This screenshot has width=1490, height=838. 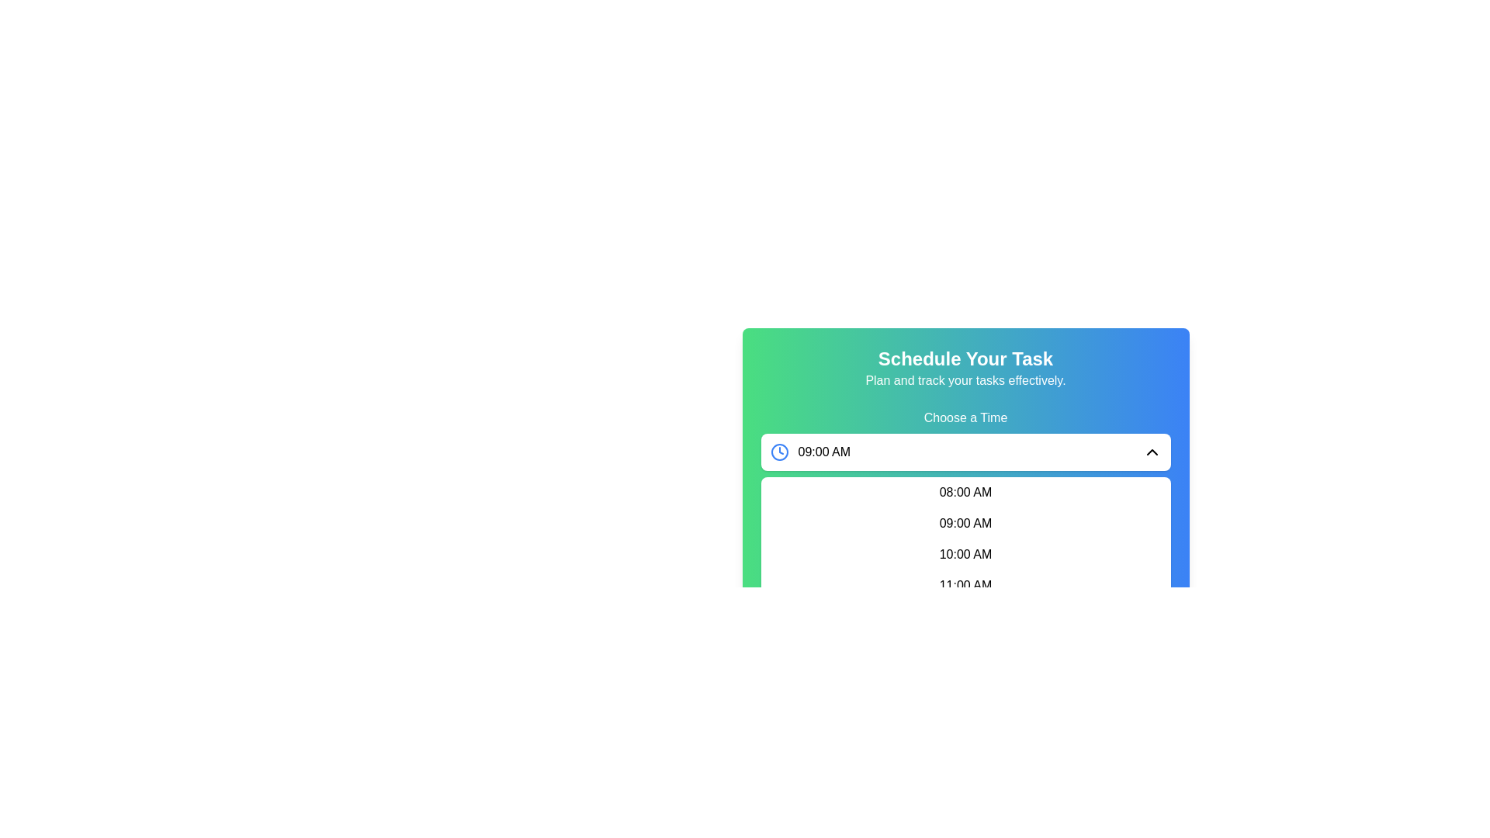 What do you see at coordinates (965, 553) in the screenshot?
I see `the third item in the vertically-arranged dropdown list` at bounding box center [965, 553].